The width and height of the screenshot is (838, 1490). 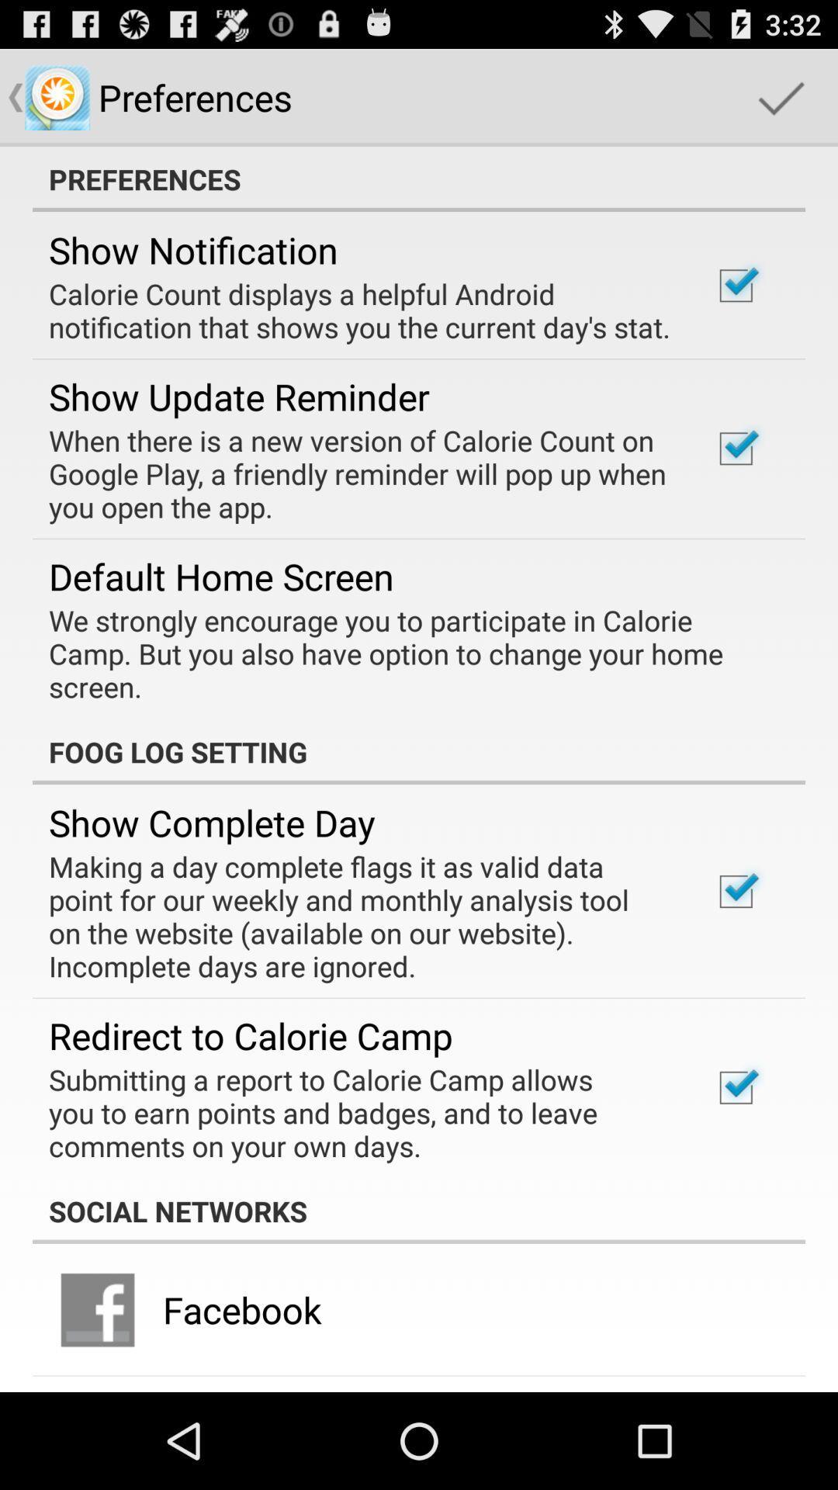 I want to click on the item below the redirect to calorie item, so click(x=359, y=1112).